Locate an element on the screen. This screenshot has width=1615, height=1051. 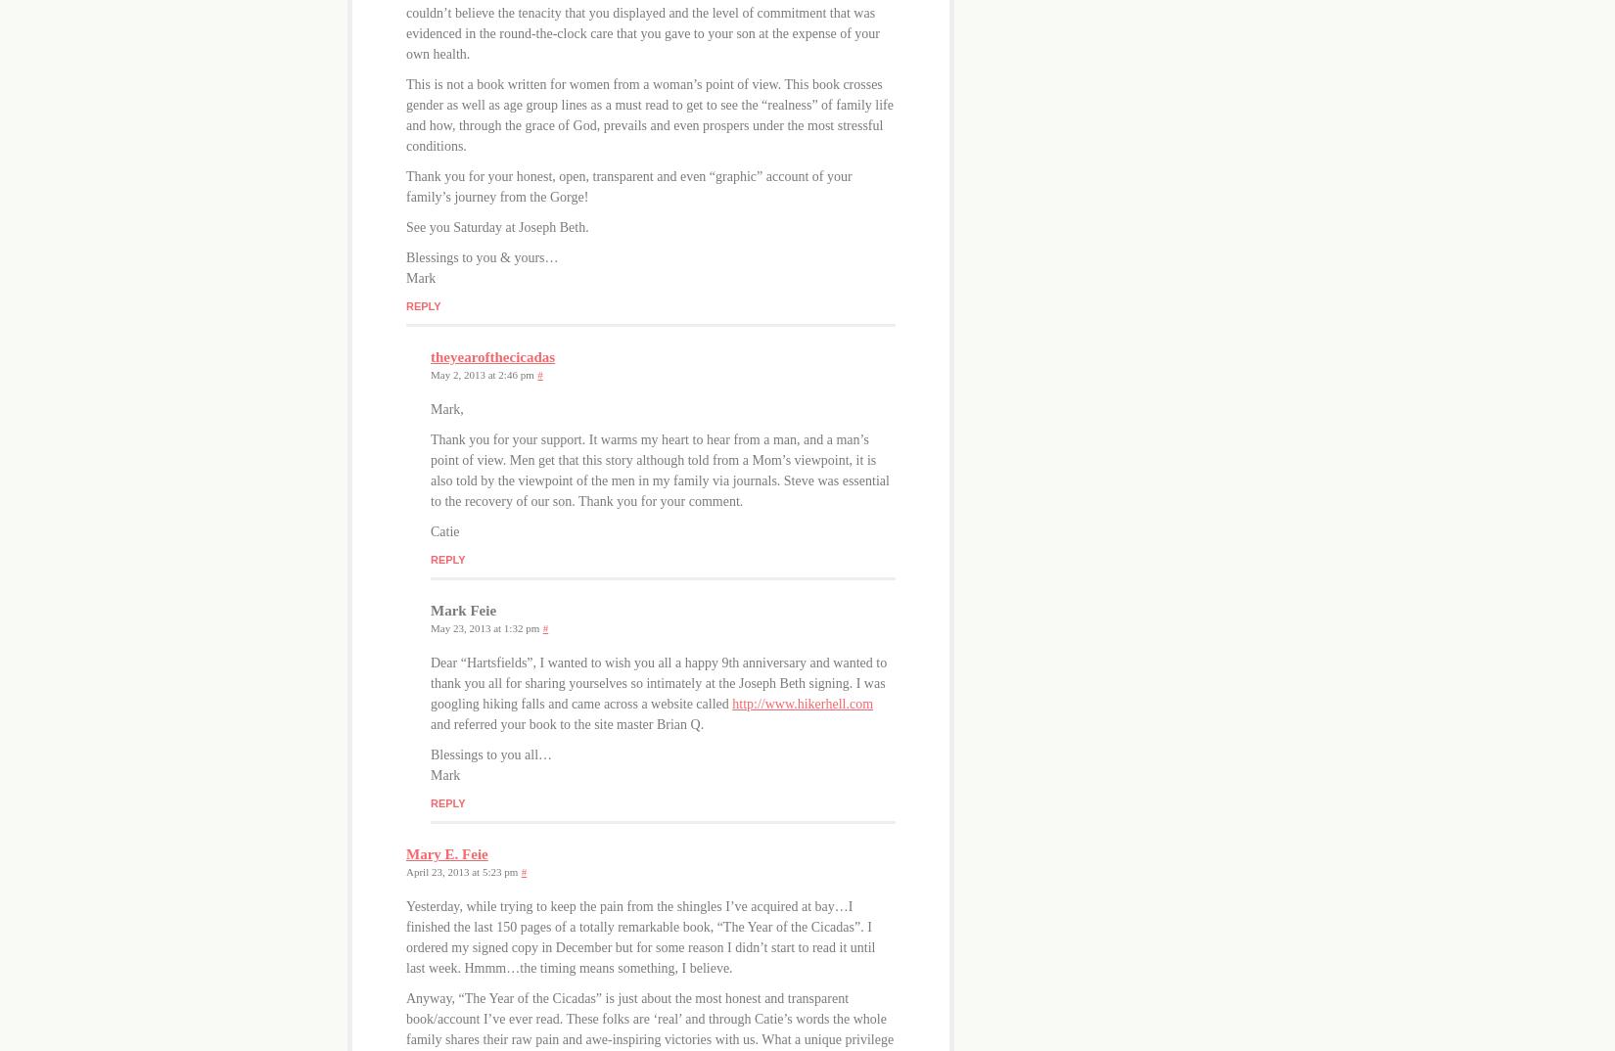
'Thank you for your honest, open, transparent and even “graphic” account of your family’s journey from the Gorge!' is located at coordinates (404, 185).